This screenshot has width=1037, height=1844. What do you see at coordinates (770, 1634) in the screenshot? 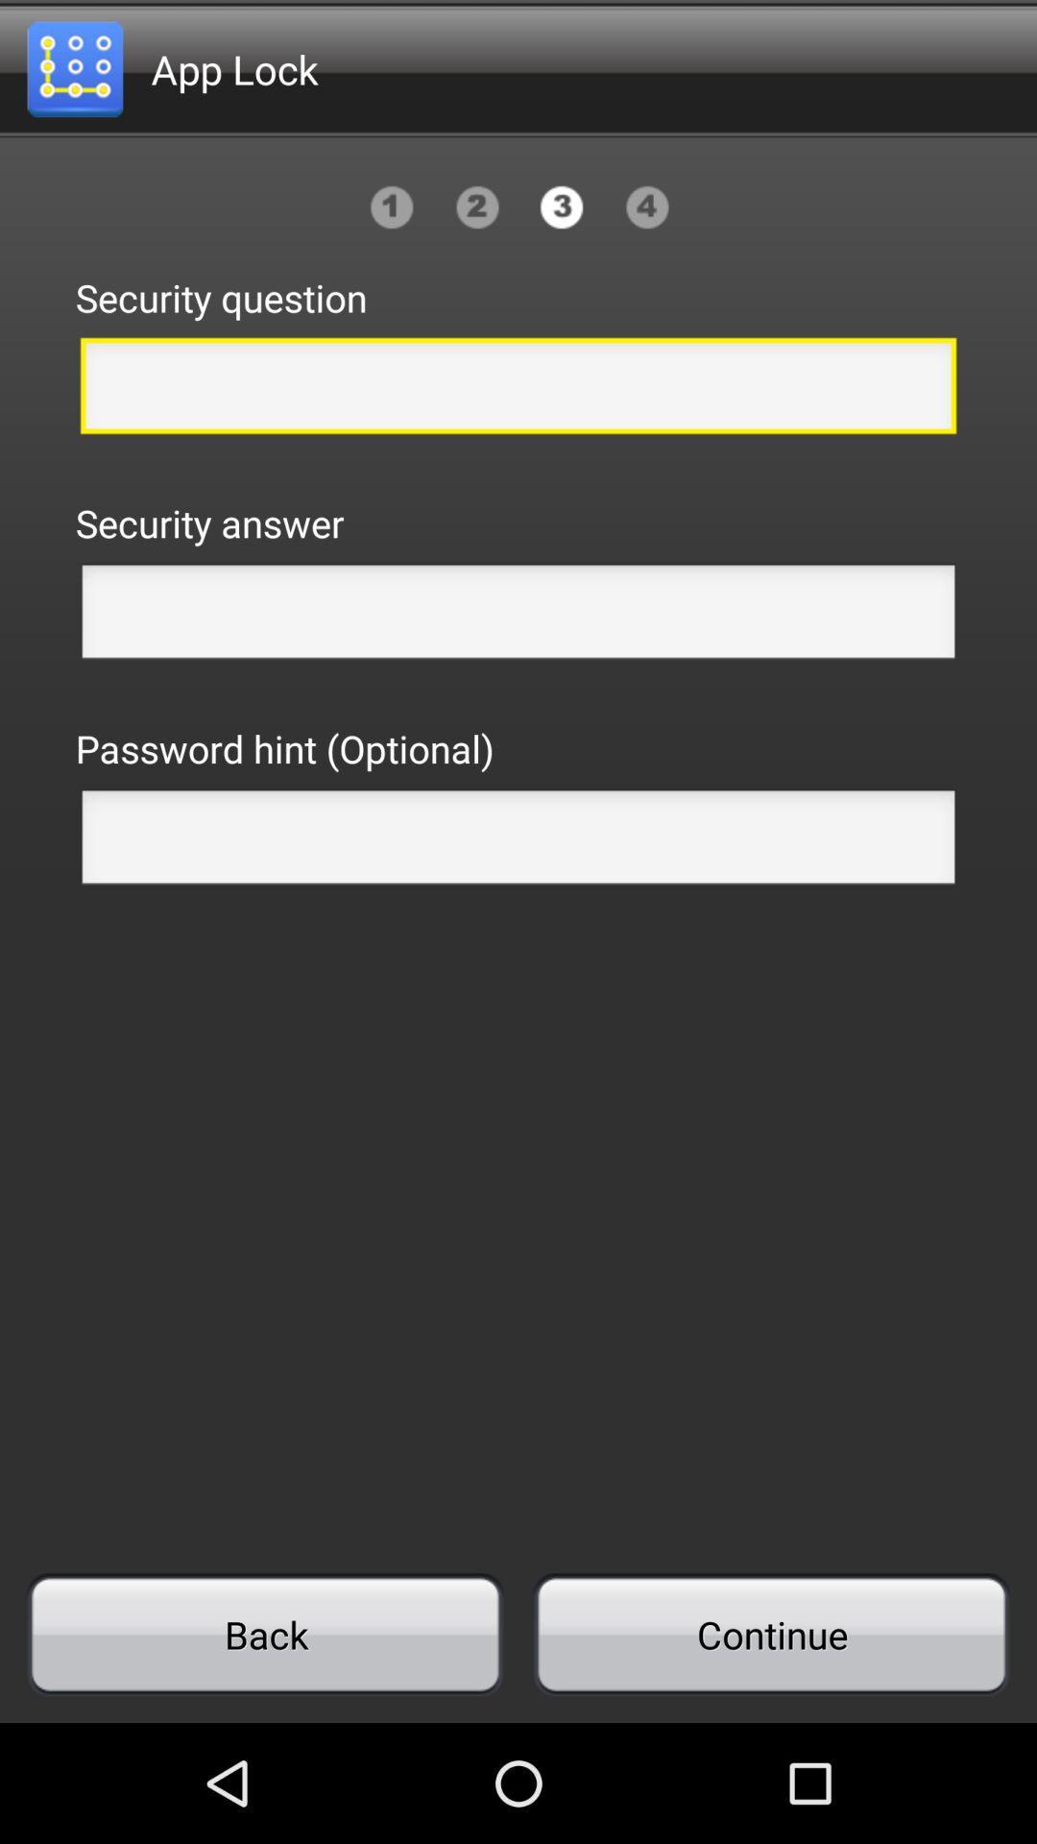
I see `item next to the back` at bounding box center [770, 1634].